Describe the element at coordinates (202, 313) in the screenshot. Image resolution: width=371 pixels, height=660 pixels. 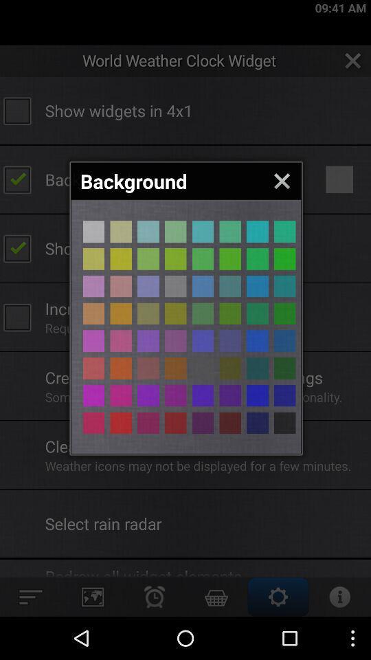
I see `background colour button` at that location.